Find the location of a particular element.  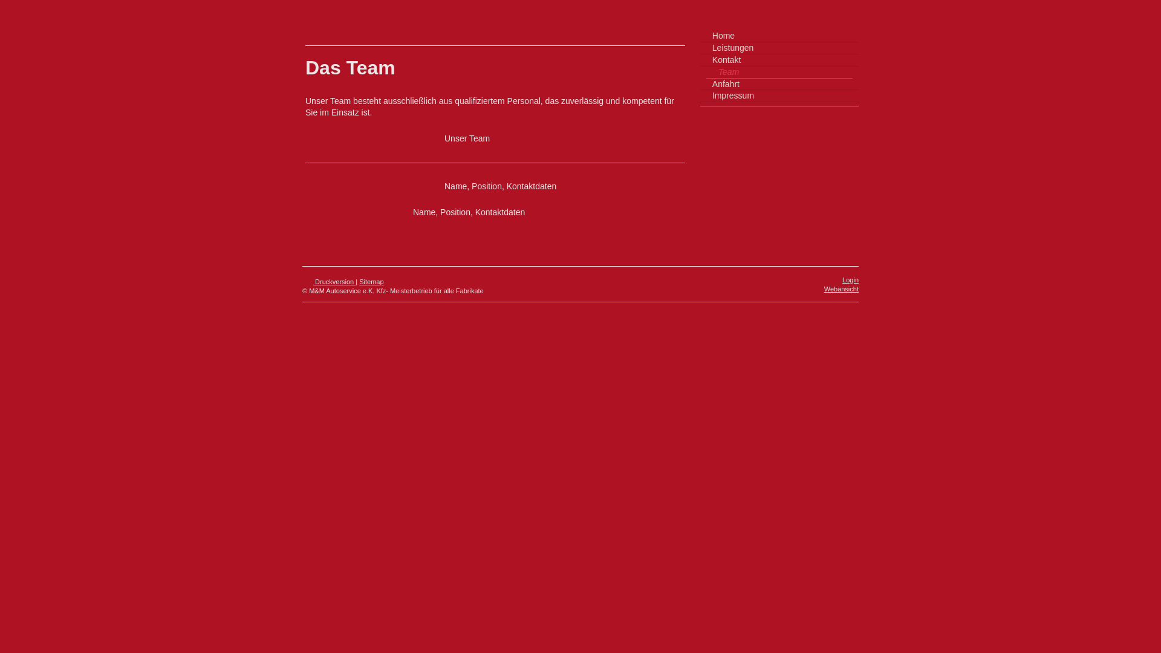

'Anfahrt' is located at coordinates (779, 83).